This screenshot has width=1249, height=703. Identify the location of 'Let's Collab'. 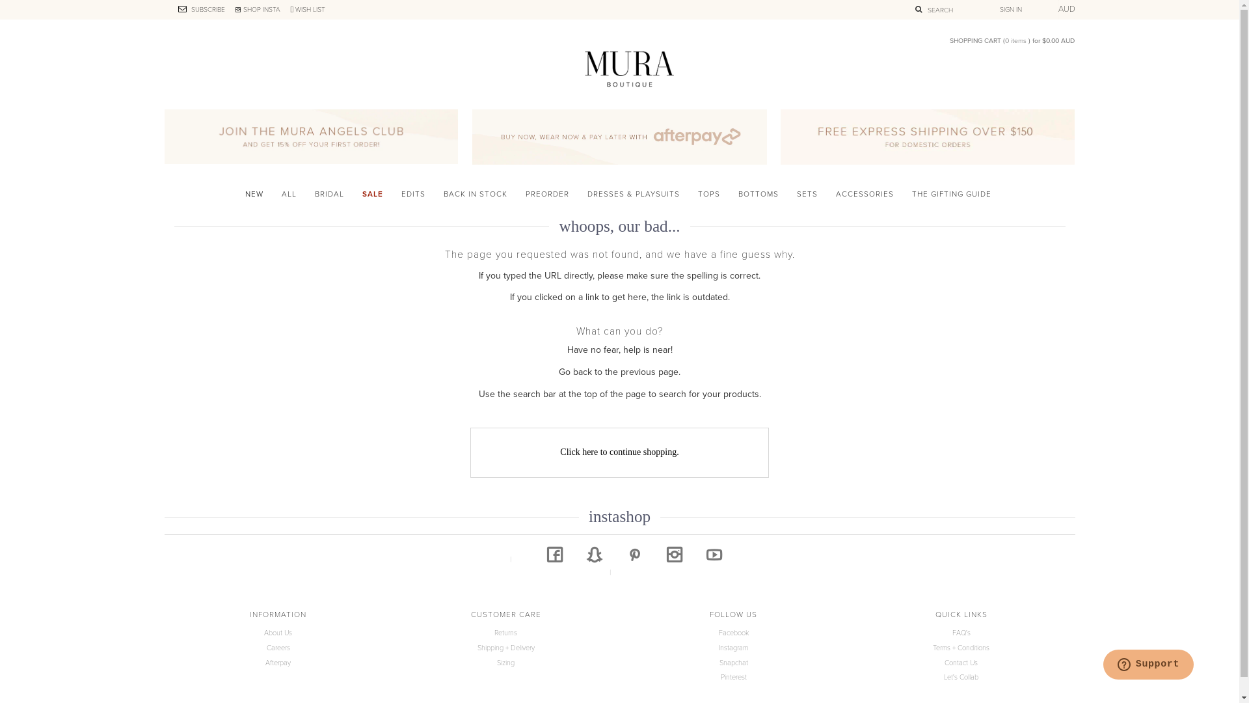
(961, 676).